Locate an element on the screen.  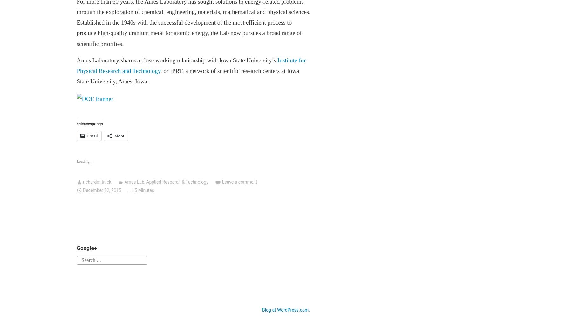
'Blog at WordPress.com.' is located at coordinates (286, 310).